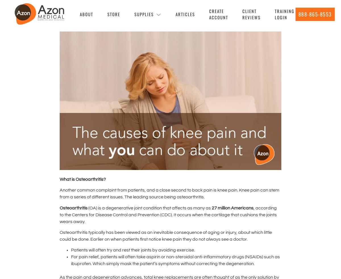 This screenshot has height=279, width=341. What do you see at coordinates (232, 207) in the screenshot?
I see `'27 million Americans'` at bounding box center [232, 207].